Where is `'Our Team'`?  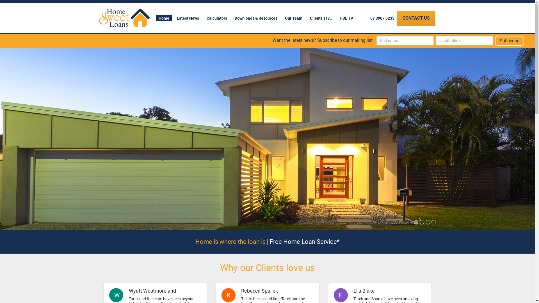 'Our Team' is located at coordinates (293, 18).